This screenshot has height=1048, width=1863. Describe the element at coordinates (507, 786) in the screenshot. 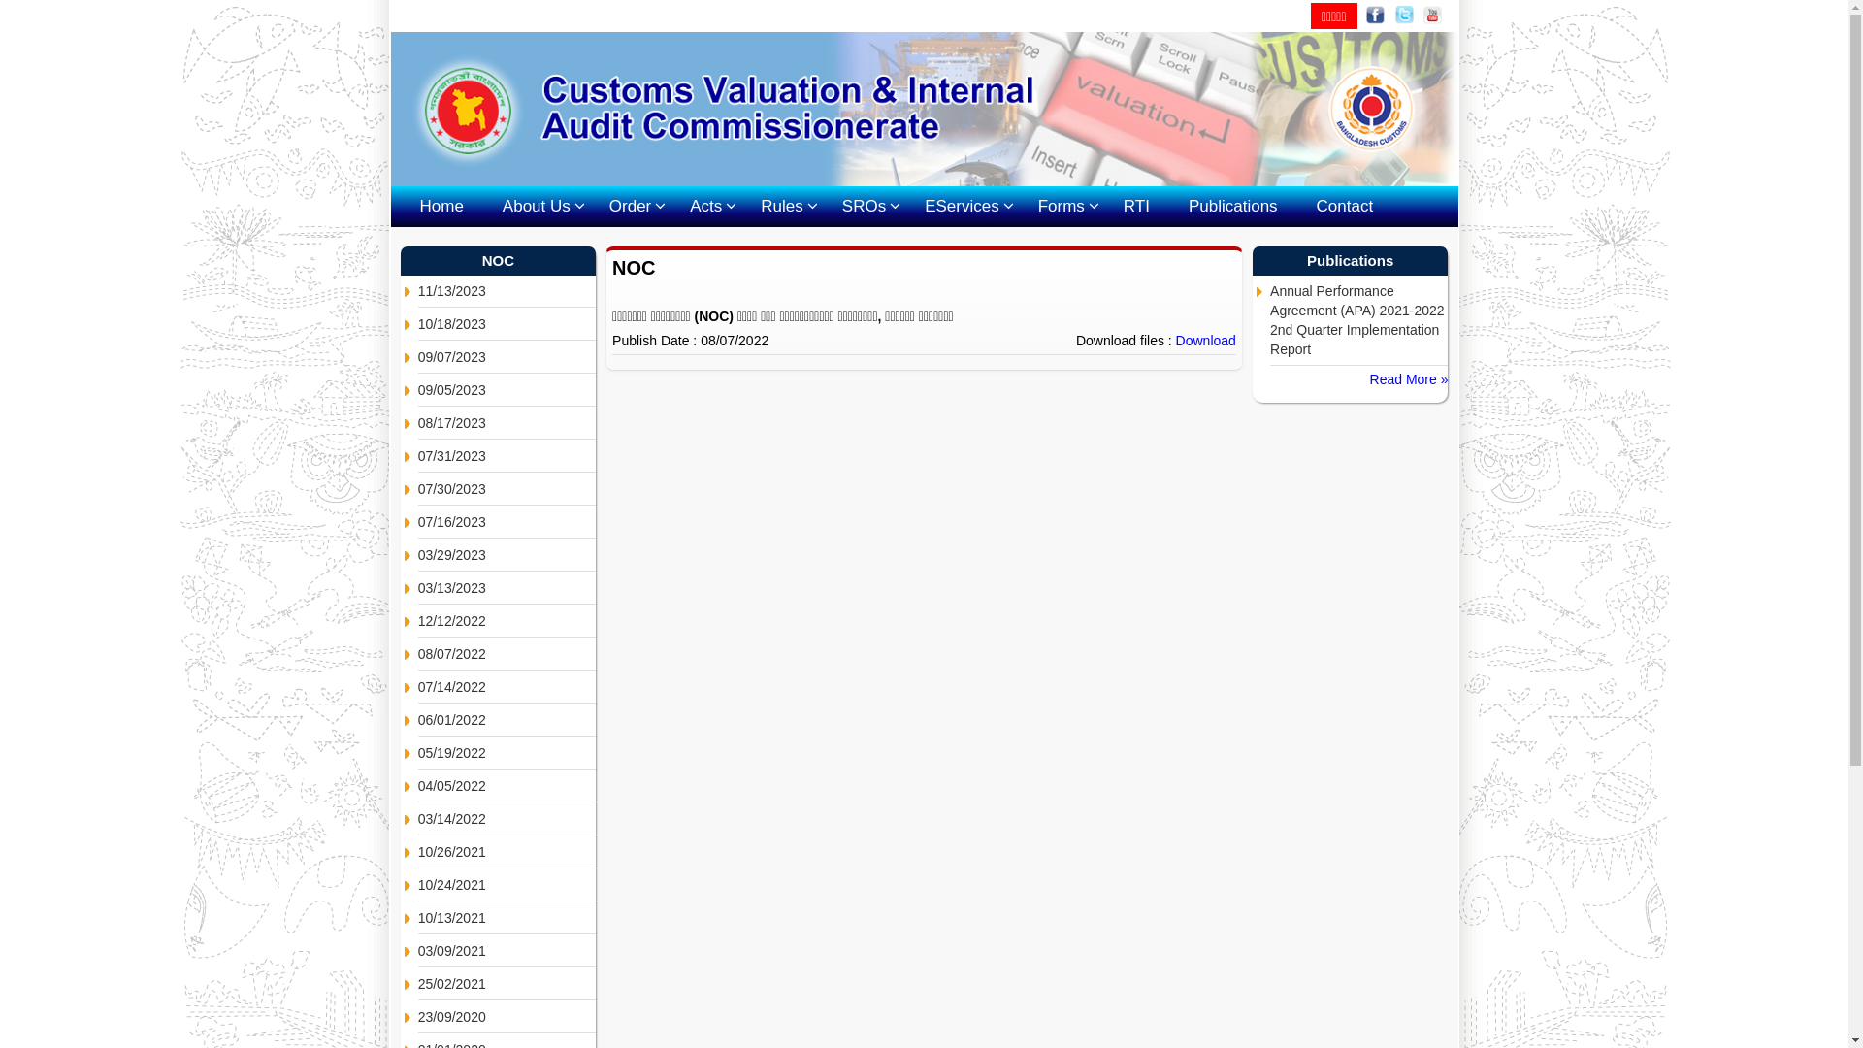

I see `'04/05/2022'` at that location.